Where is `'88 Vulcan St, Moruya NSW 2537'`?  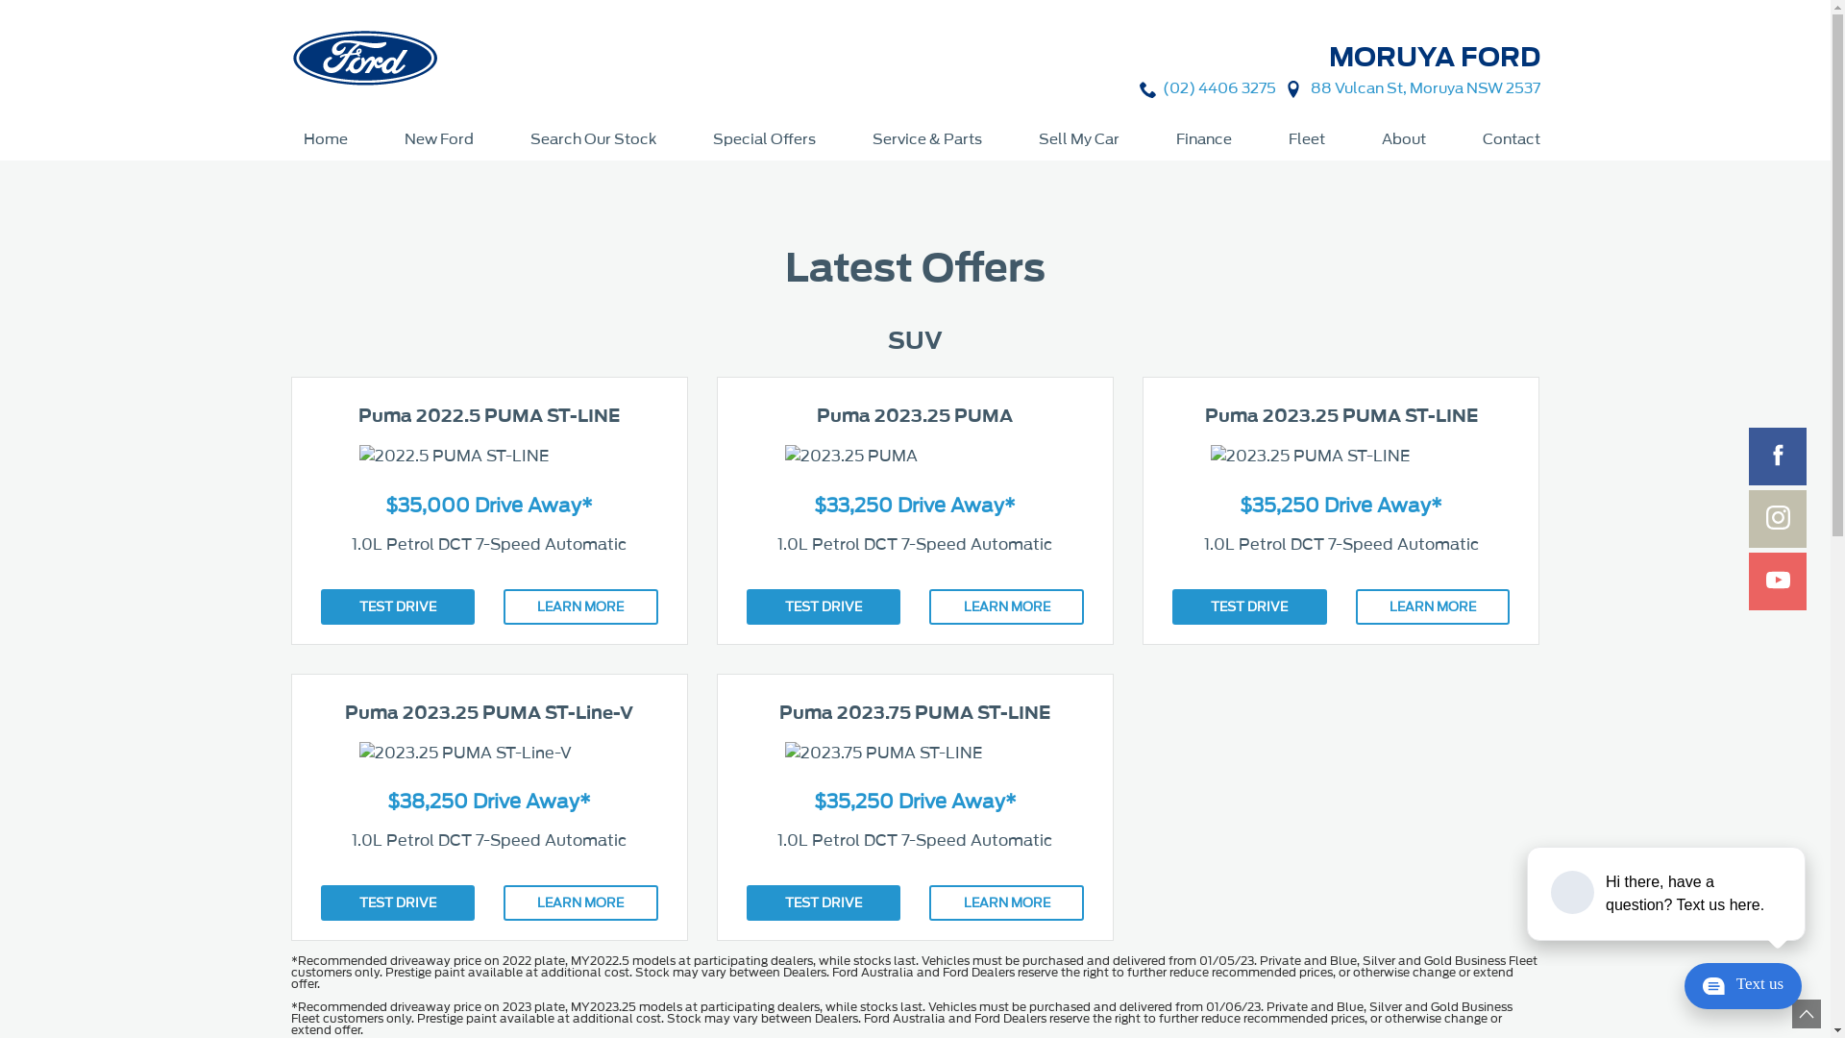 '88 Vulcan St, Moruya NSW 2537' is located at coordinates (1309, 87).